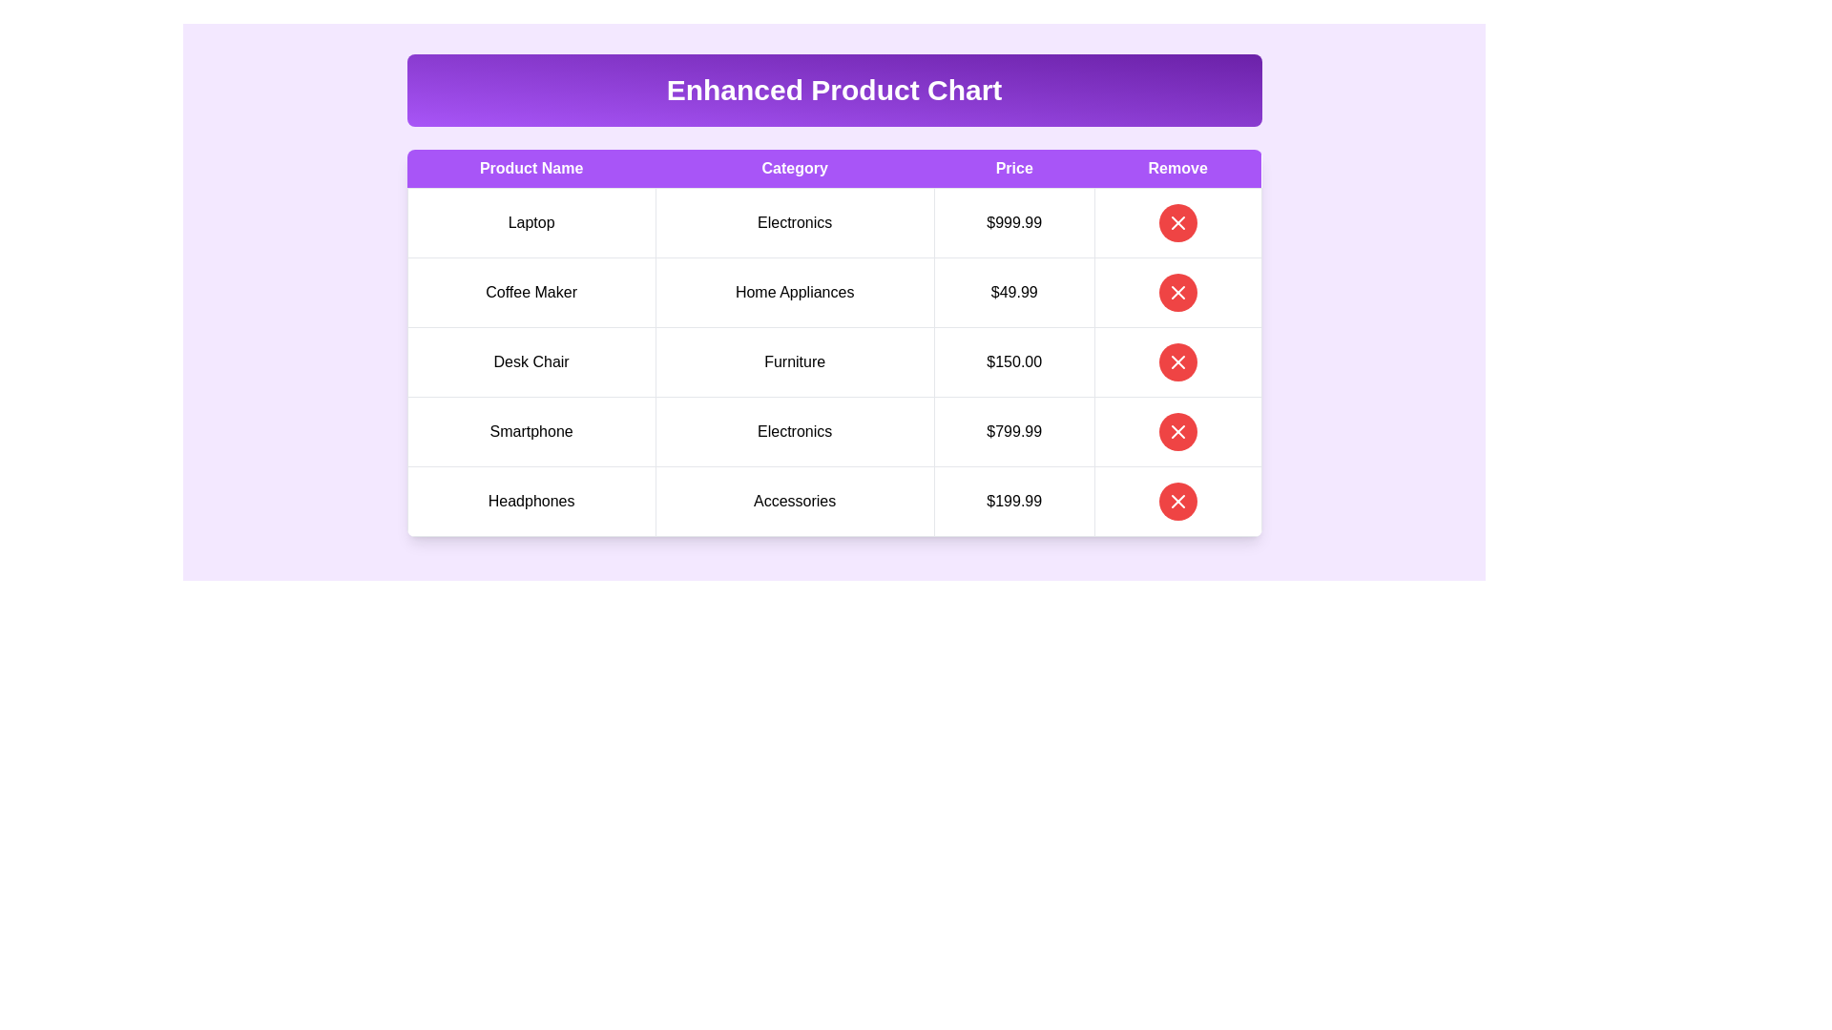 This screenshot has height=1030, width=1832. Describe the element at coordinates (1176, 431) in the screenshot. I see `the circular action button with an icon in the last cell of the fourth row` at that location.